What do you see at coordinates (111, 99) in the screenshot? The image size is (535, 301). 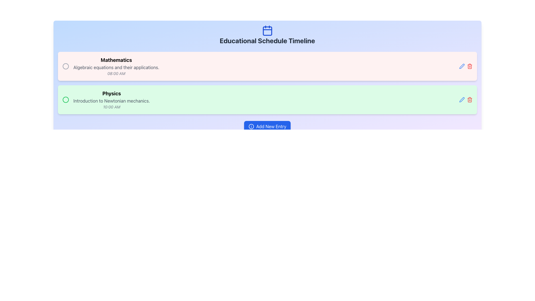 I see `the second list item of the educational schedule entry text block, which is located below the 'Mathematics' item on a green background` at bounding box center [111, 99].